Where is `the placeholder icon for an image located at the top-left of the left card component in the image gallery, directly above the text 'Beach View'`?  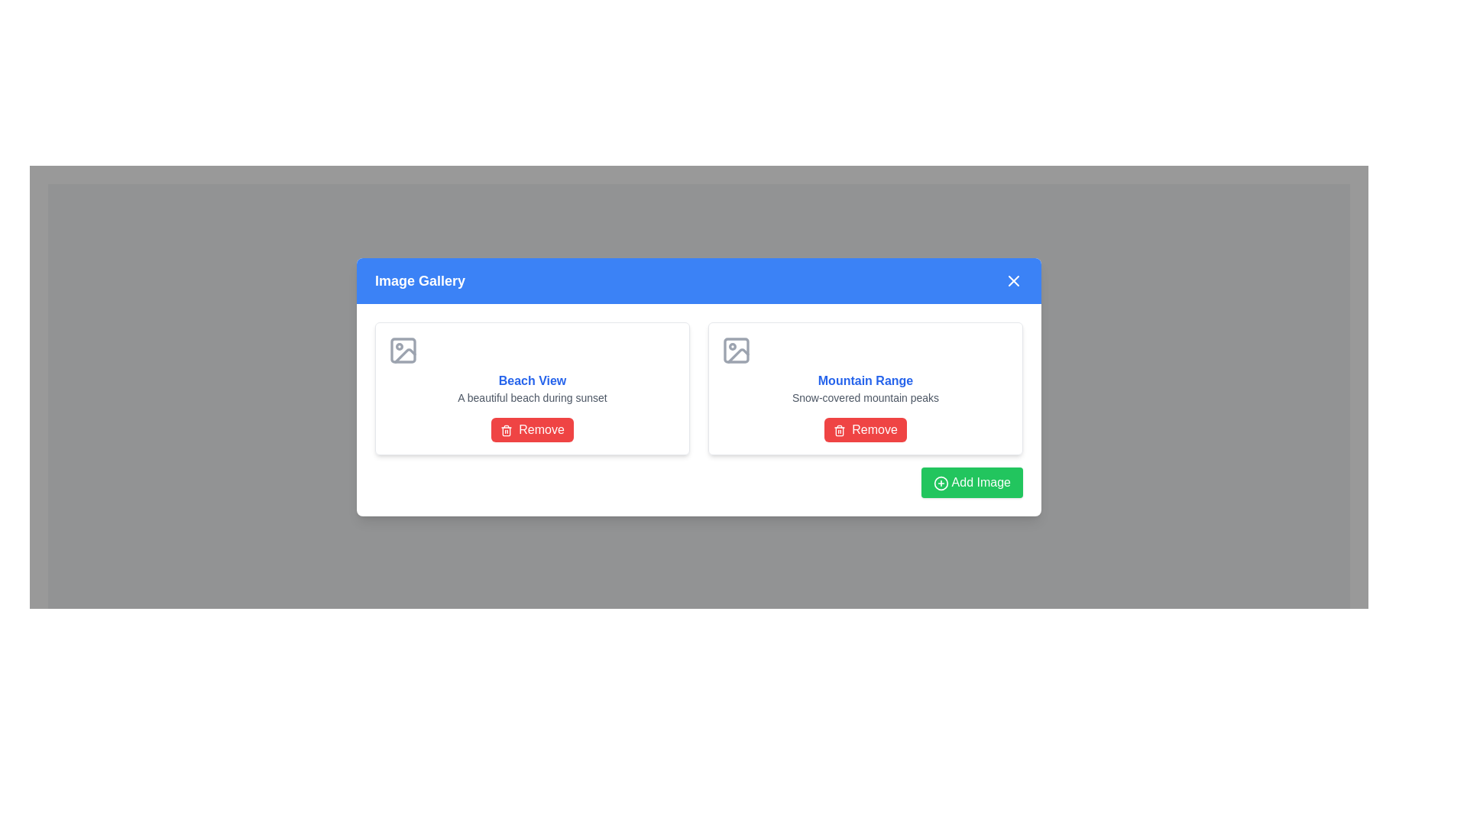 the placeholder icon for an image located at the top-left of the left card component in the image gallery, directly above the text 'Beach View' is located at coordinates (403, 351).